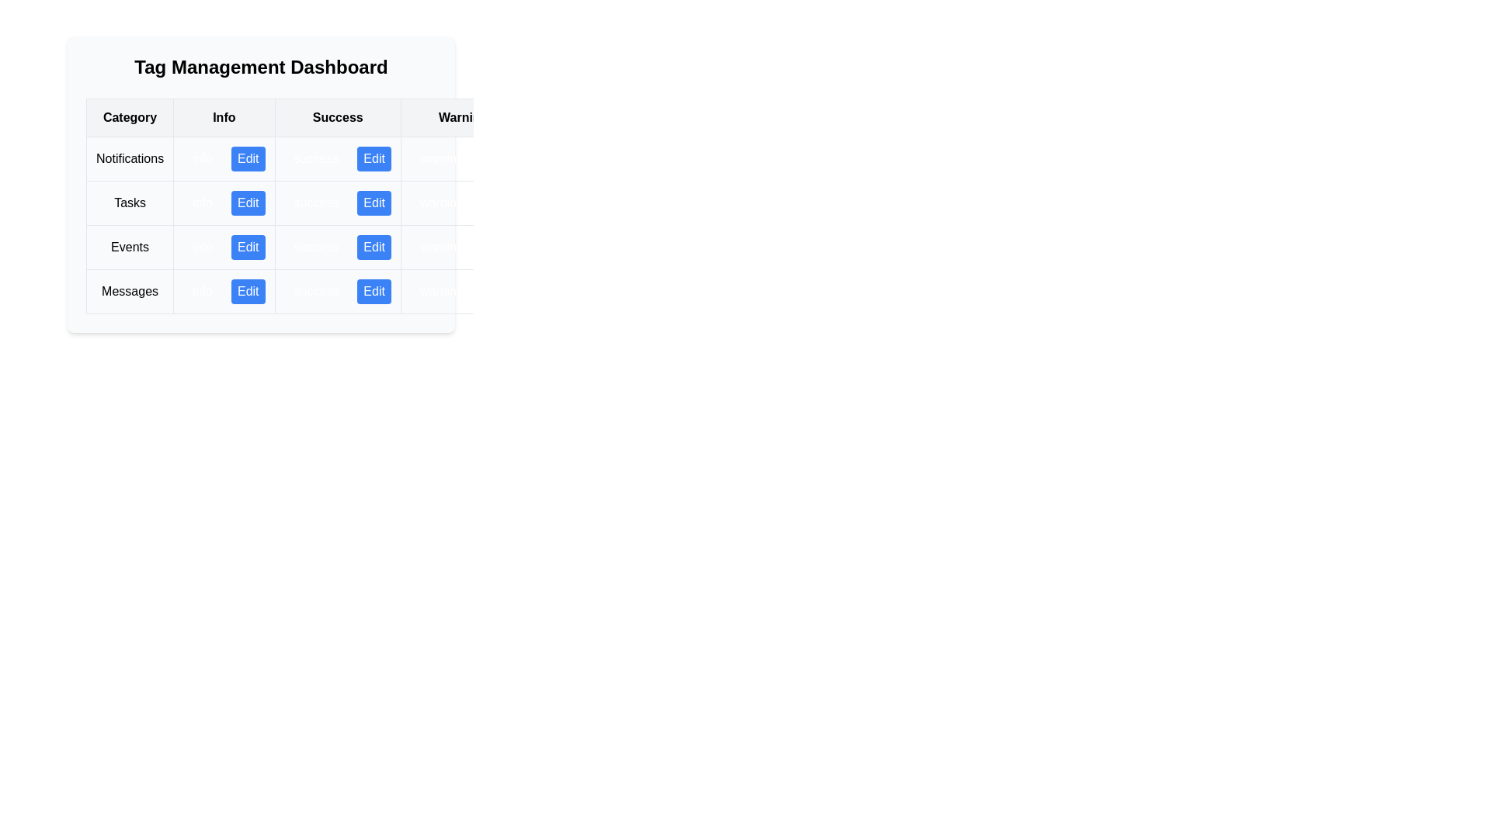 The height and width of the screenshot is (838, 1491). Describe the element at coordinates (359, 291) in the screenshot. I see `the button with rounded corners and a blue background labeled 'Edit' in the 'Messages' row of the 'Success' column` at that location.